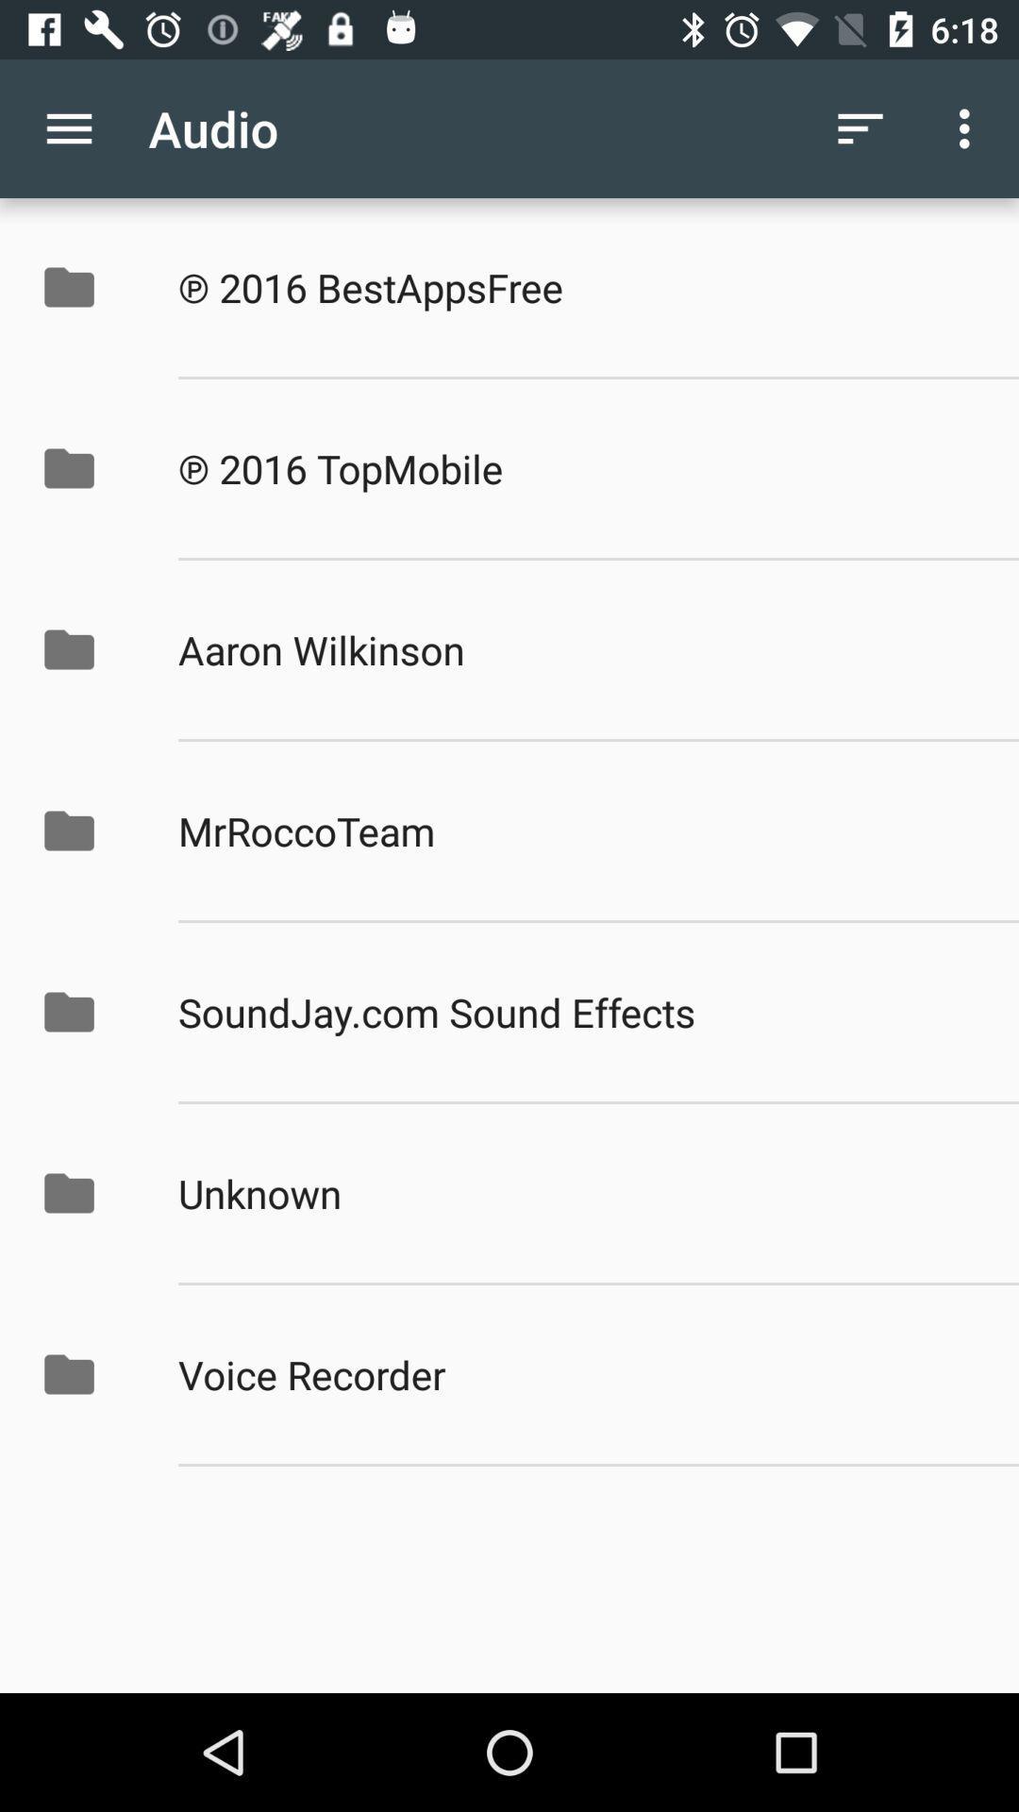 This screenshot has width=1019, height=1812. Describe the element at coordinates (68, 1192) in the screenshot. I see `the icon of unknown folder` at that location.